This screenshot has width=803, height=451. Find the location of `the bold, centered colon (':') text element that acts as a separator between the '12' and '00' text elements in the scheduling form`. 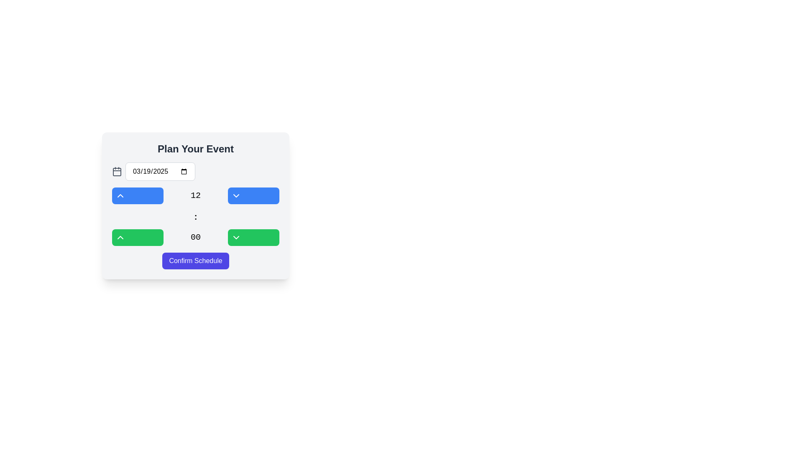

the bold, centered colon (':') text element that acts as a separator between the '12' and '00' text elements in the scheduling form is located at coordinates (195, 216).